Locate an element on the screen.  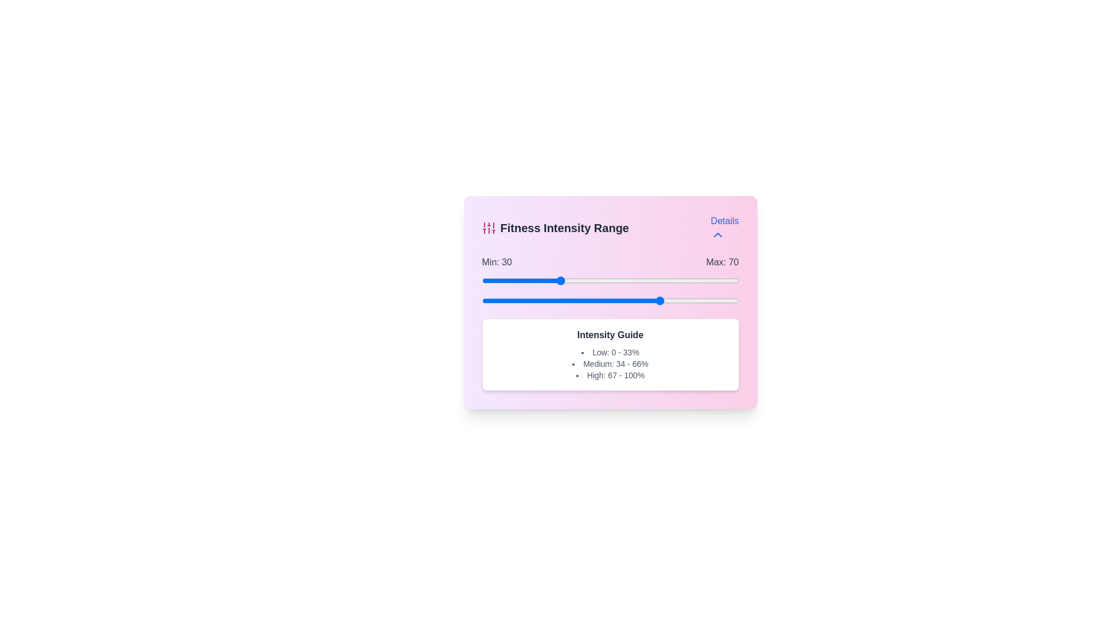
the maximum intensity range slider to 51 percent is located at coordinates (612, 300).